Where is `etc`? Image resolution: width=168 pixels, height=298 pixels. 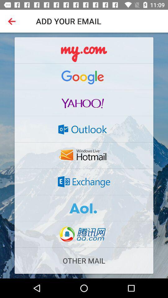
etc is located at coordinates (84, 50).